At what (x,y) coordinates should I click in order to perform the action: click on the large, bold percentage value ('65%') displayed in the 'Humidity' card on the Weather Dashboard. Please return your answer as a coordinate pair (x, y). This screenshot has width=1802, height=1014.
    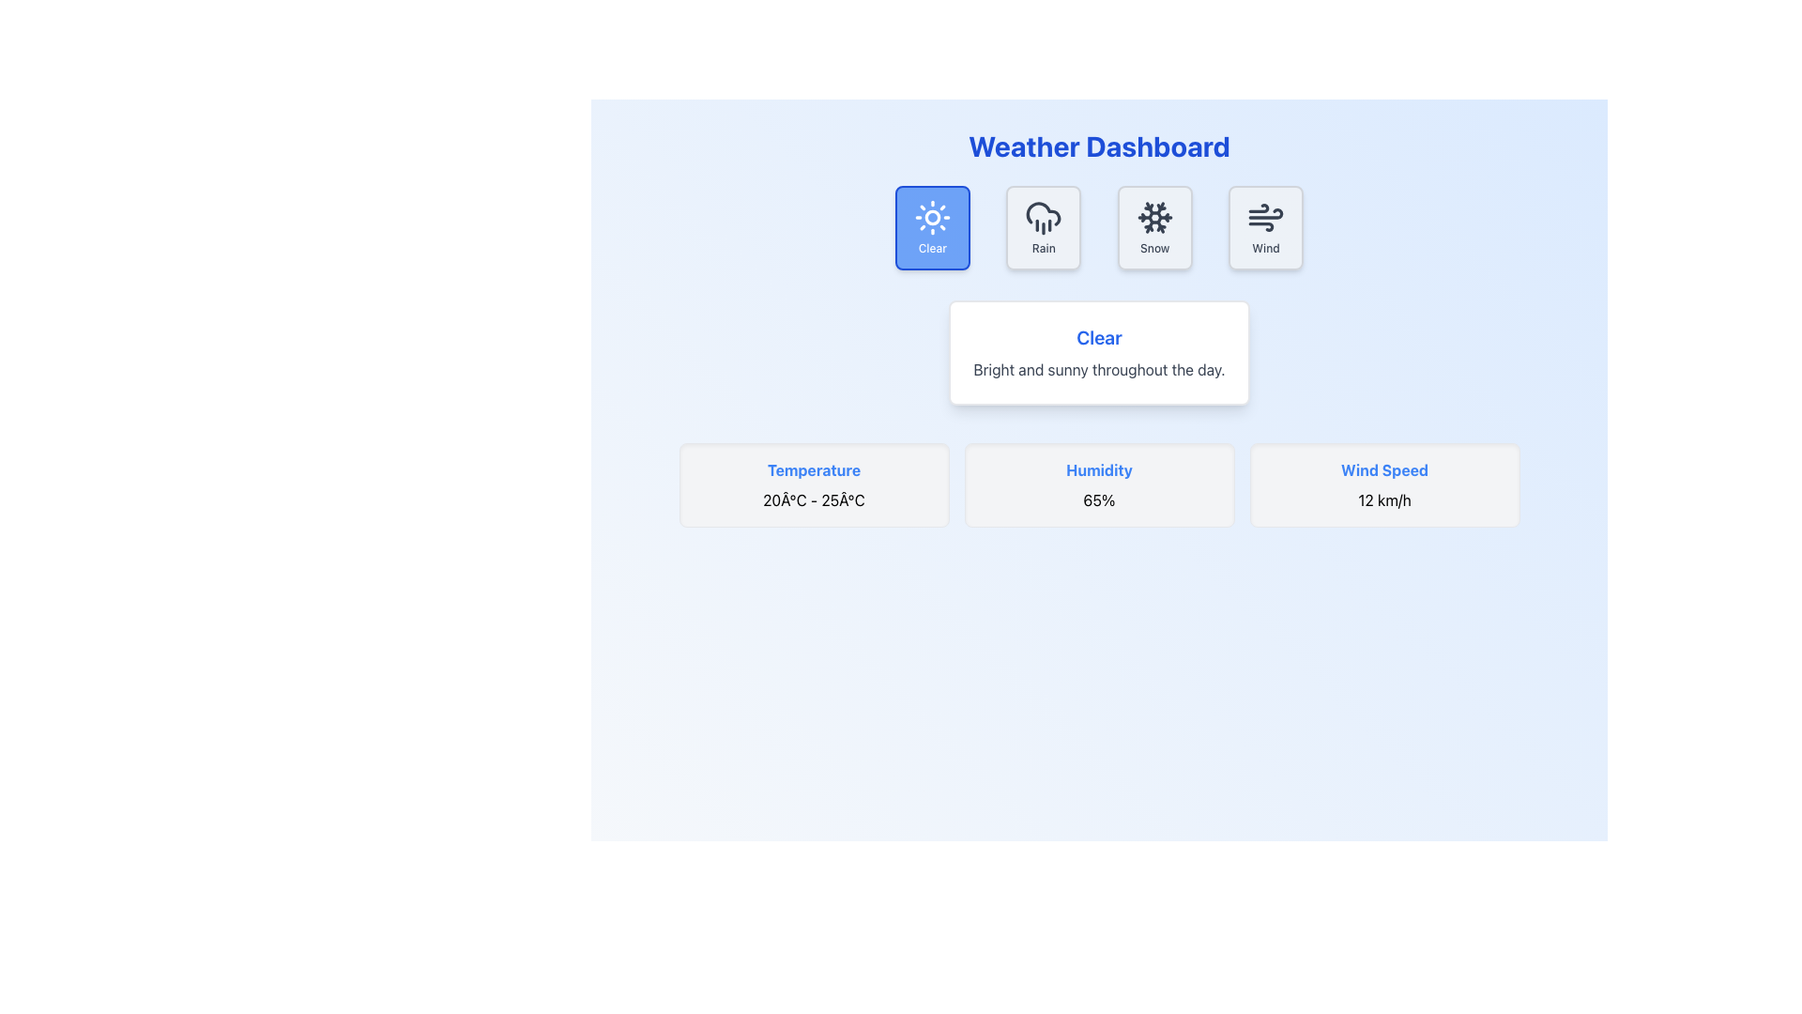
    Looking at the image, I should click on (1099, 499).